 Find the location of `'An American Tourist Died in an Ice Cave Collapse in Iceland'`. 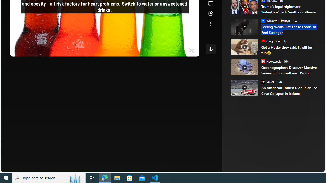

'An American Tourist Died in an Ice Cave Collapse in Iceland' is located at coordinates (289, 90).